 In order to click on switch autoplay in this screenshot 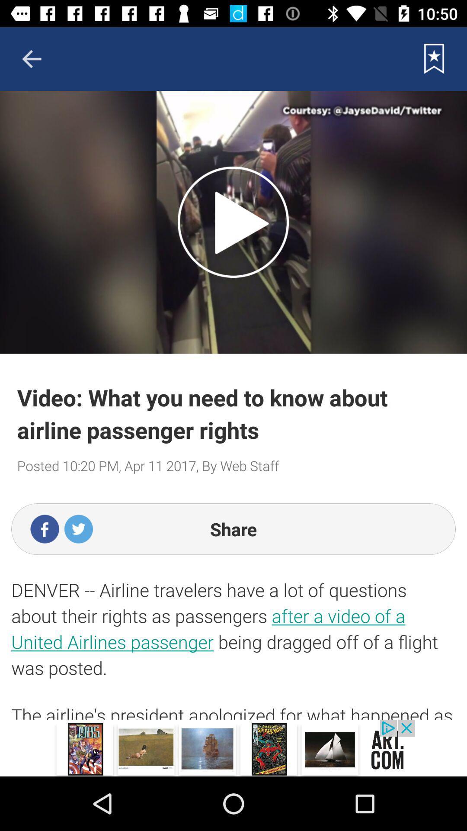, I will do `click(233, 222)`.